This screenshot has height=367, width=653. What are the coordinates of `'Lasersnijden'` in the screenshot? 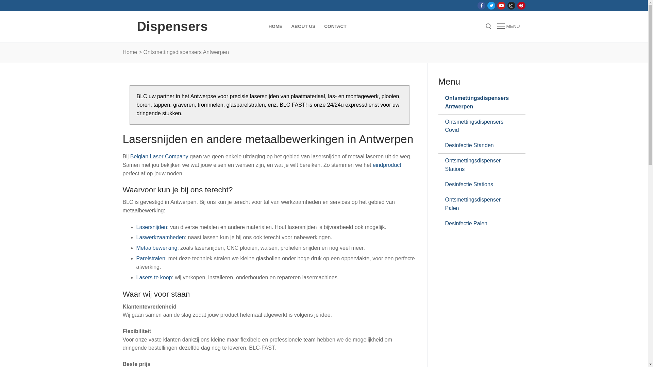 It's located at (151, 227).